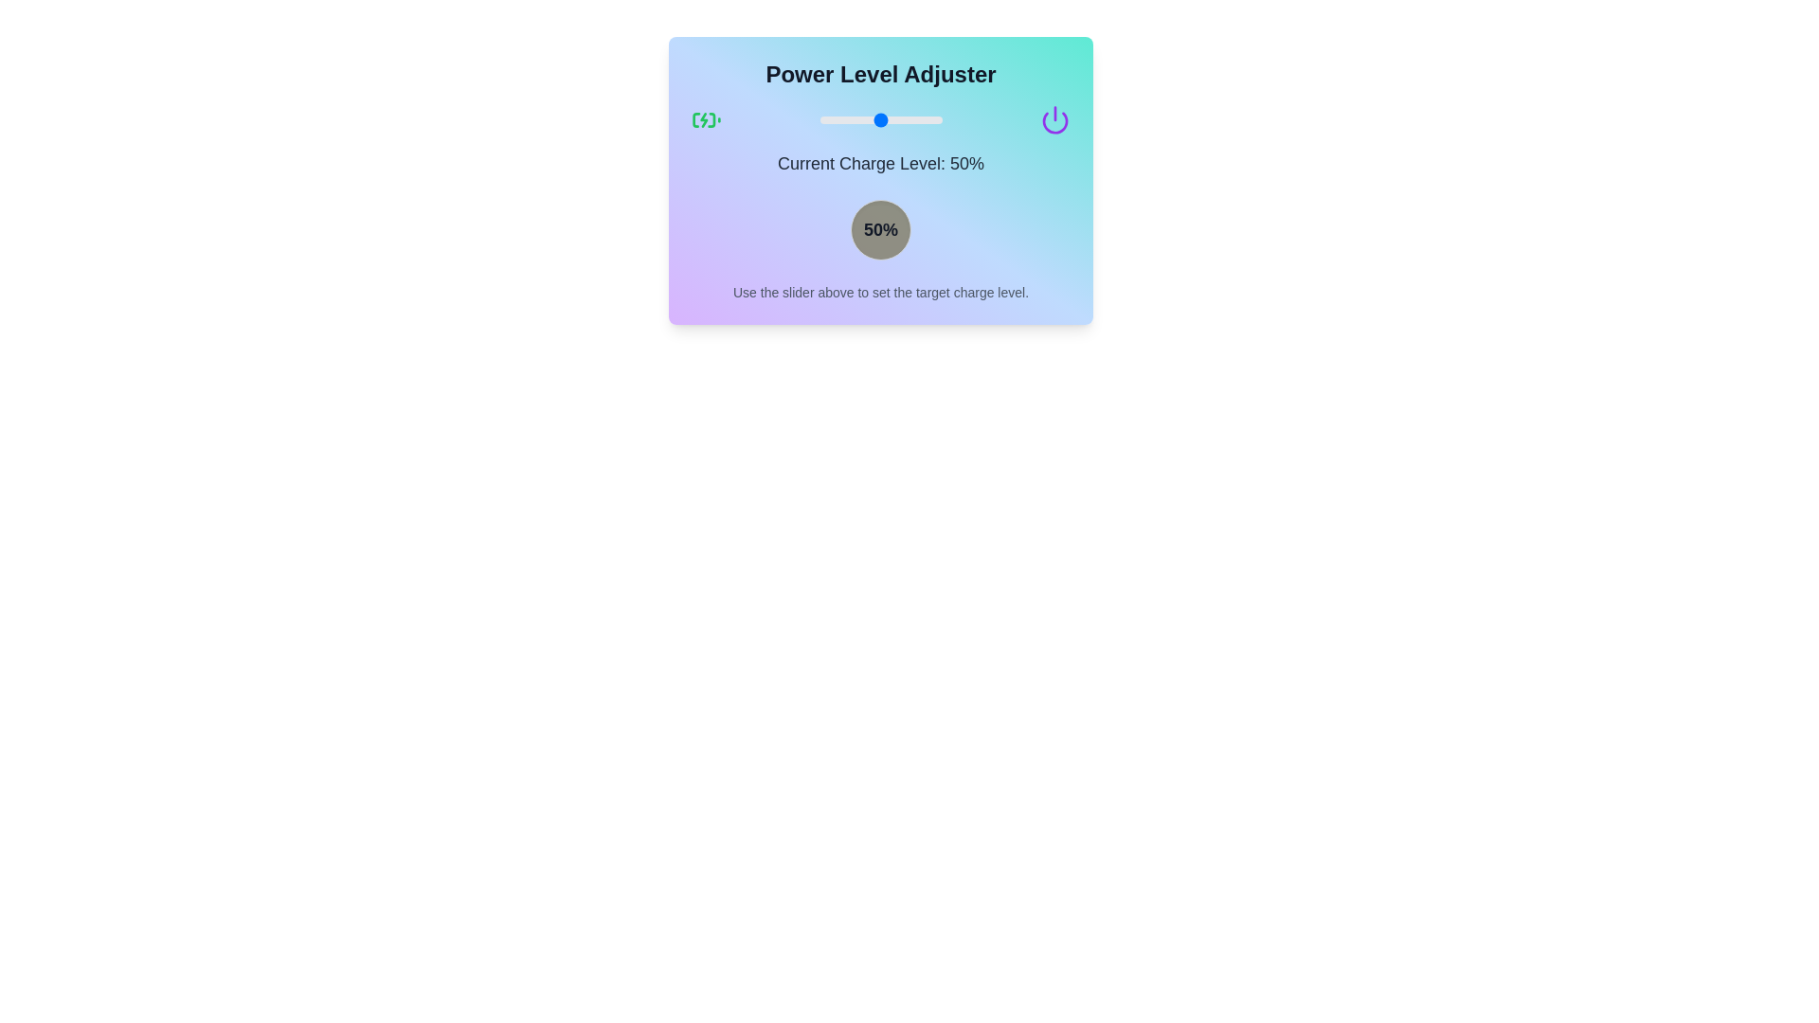 The height and width of the screenshot is (1023, 1819). Describe the element at coordinates (880, 163) in the screenshot. I see `text label that displays the current charge level, located under the blue slider and above the round button showing '50%', centered horizontally within the interactive elements` at that location.